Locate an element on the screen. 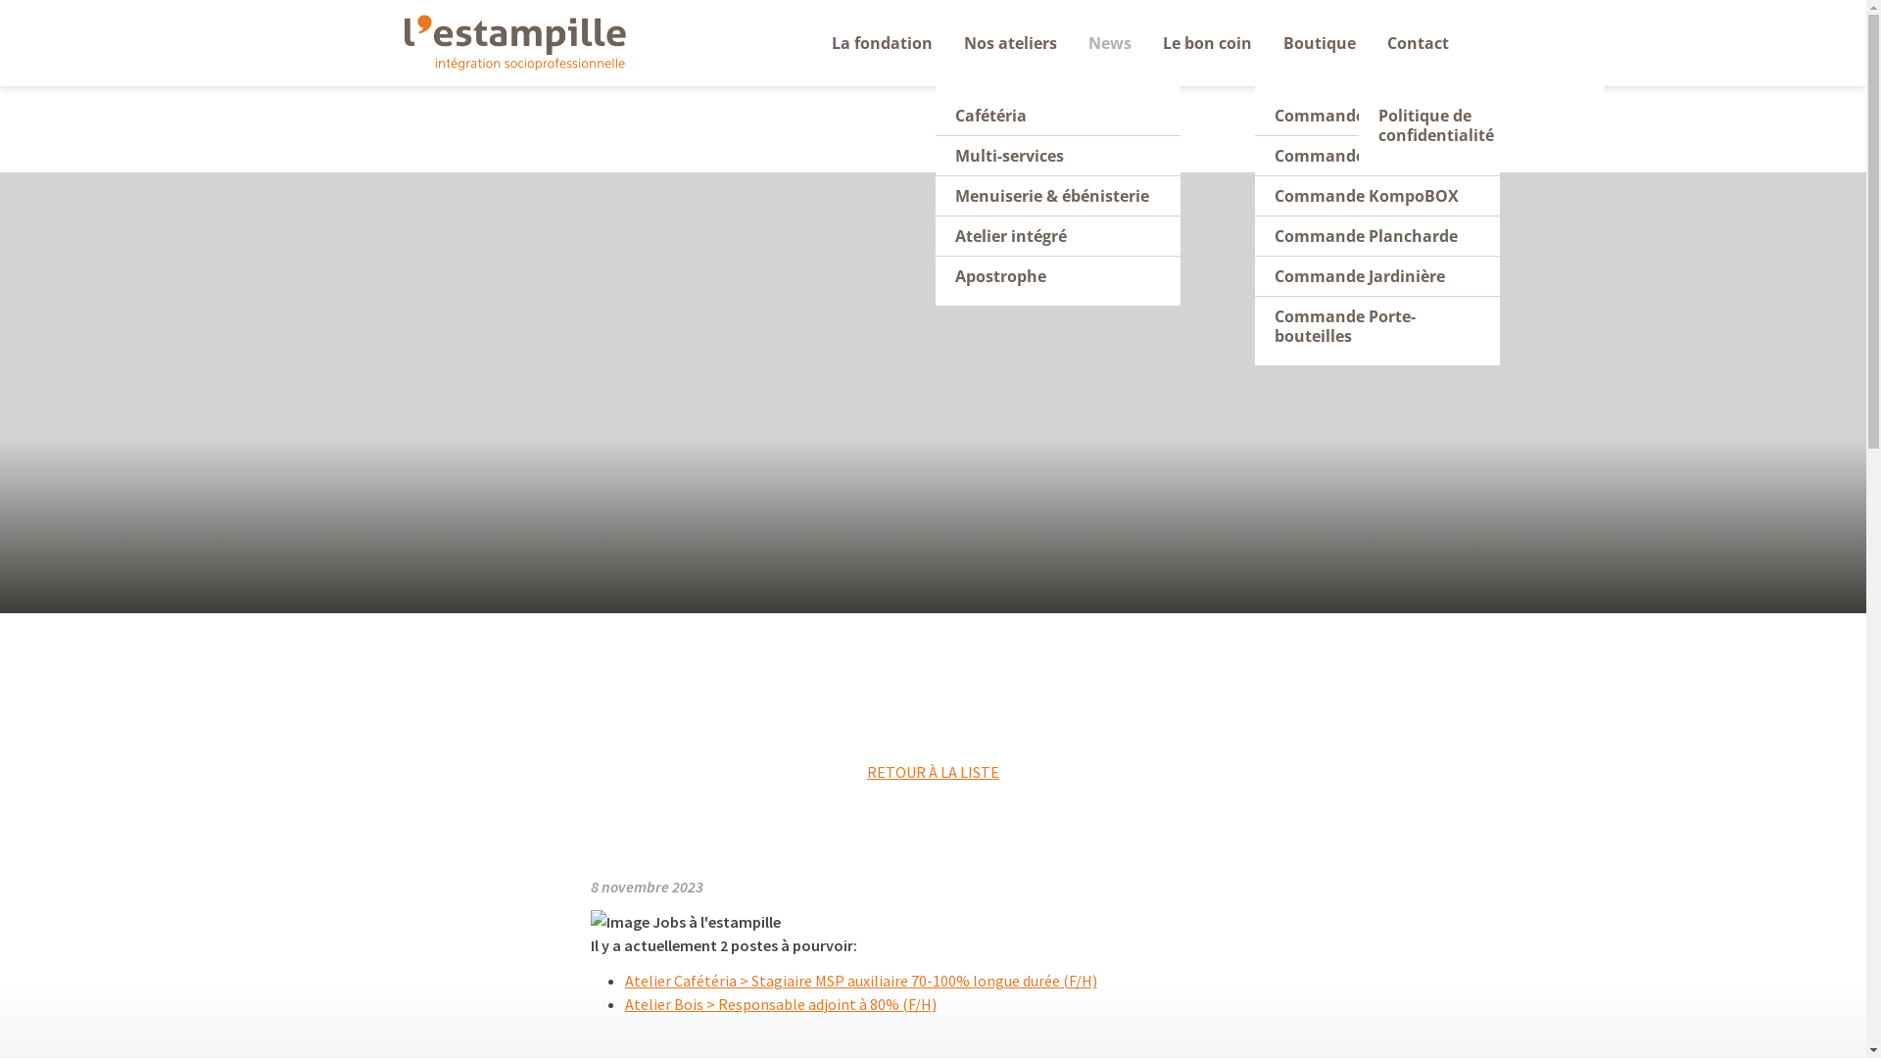  'Commande Porte-bouteilles' is located at coordinates (1254, 324).